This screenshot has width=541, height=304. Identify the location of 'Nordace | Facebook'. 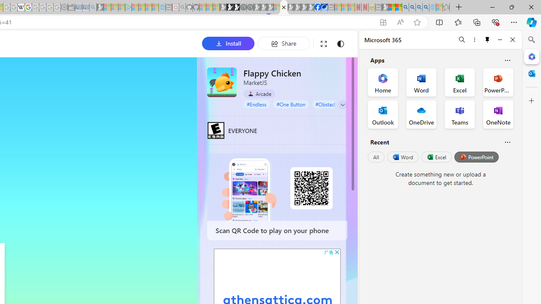
(317, 7).